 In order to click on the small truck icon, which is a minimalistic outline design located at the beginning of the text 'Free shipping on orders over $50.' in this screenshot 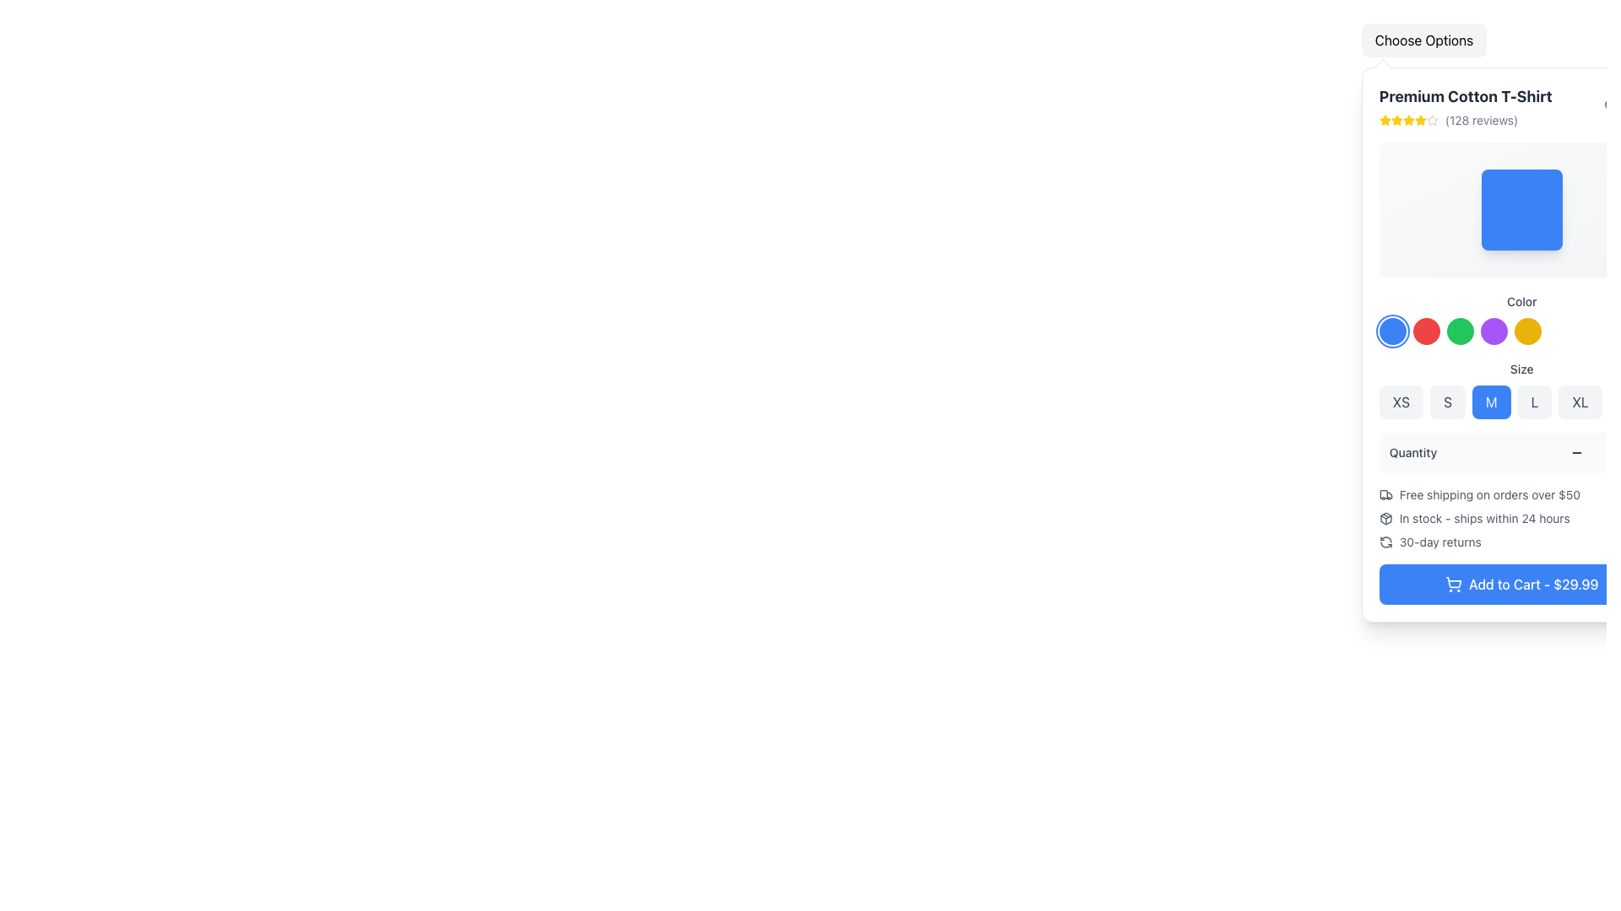, I will do `click(1385, 493)`.